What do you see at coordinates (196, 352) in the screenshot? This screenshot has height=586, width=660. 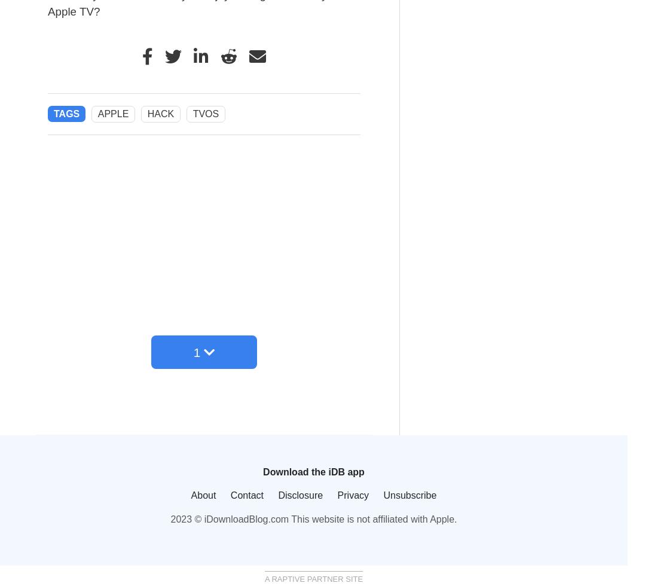 I see `'1'` at bounding box center [196, 352].